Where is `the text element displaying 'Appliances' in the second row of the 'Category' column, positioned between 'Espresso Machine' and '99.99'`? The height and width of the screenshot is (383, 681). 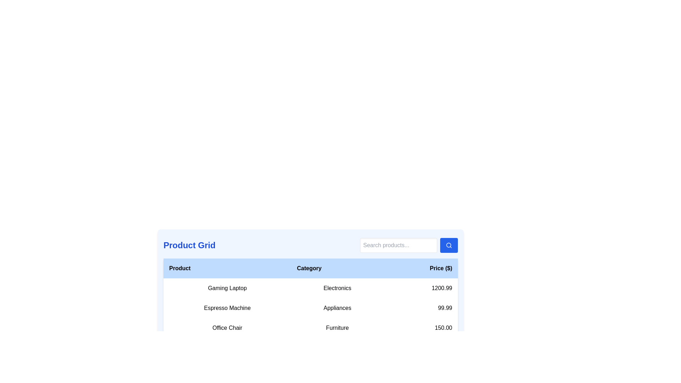
the text element displaying 'Appliances' in the second row of the 'Category' column, positioned between 'Espresso Machine' and '99.99' is located at coordinates (337, 307).